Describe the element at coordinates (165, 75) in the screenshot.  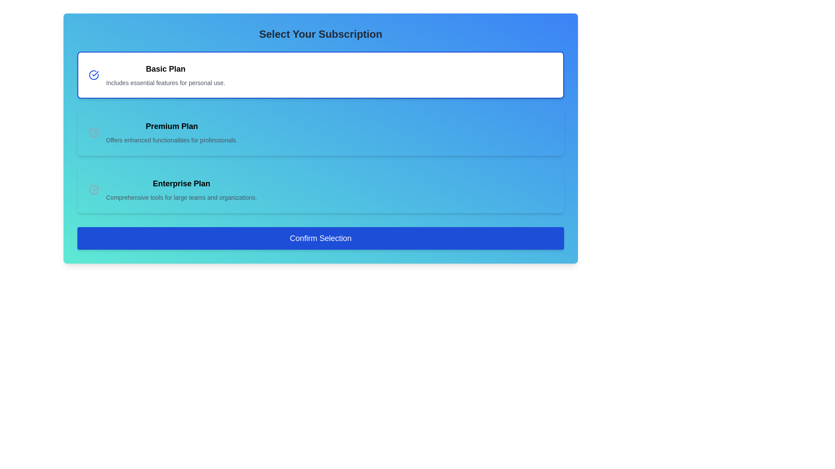
I see `the selectable description summary for the 'Basic Plan' subscription option, which is located in the leftmost selection card above the 'Premium Plan' and 'Enterprise Plan' options` at that location.